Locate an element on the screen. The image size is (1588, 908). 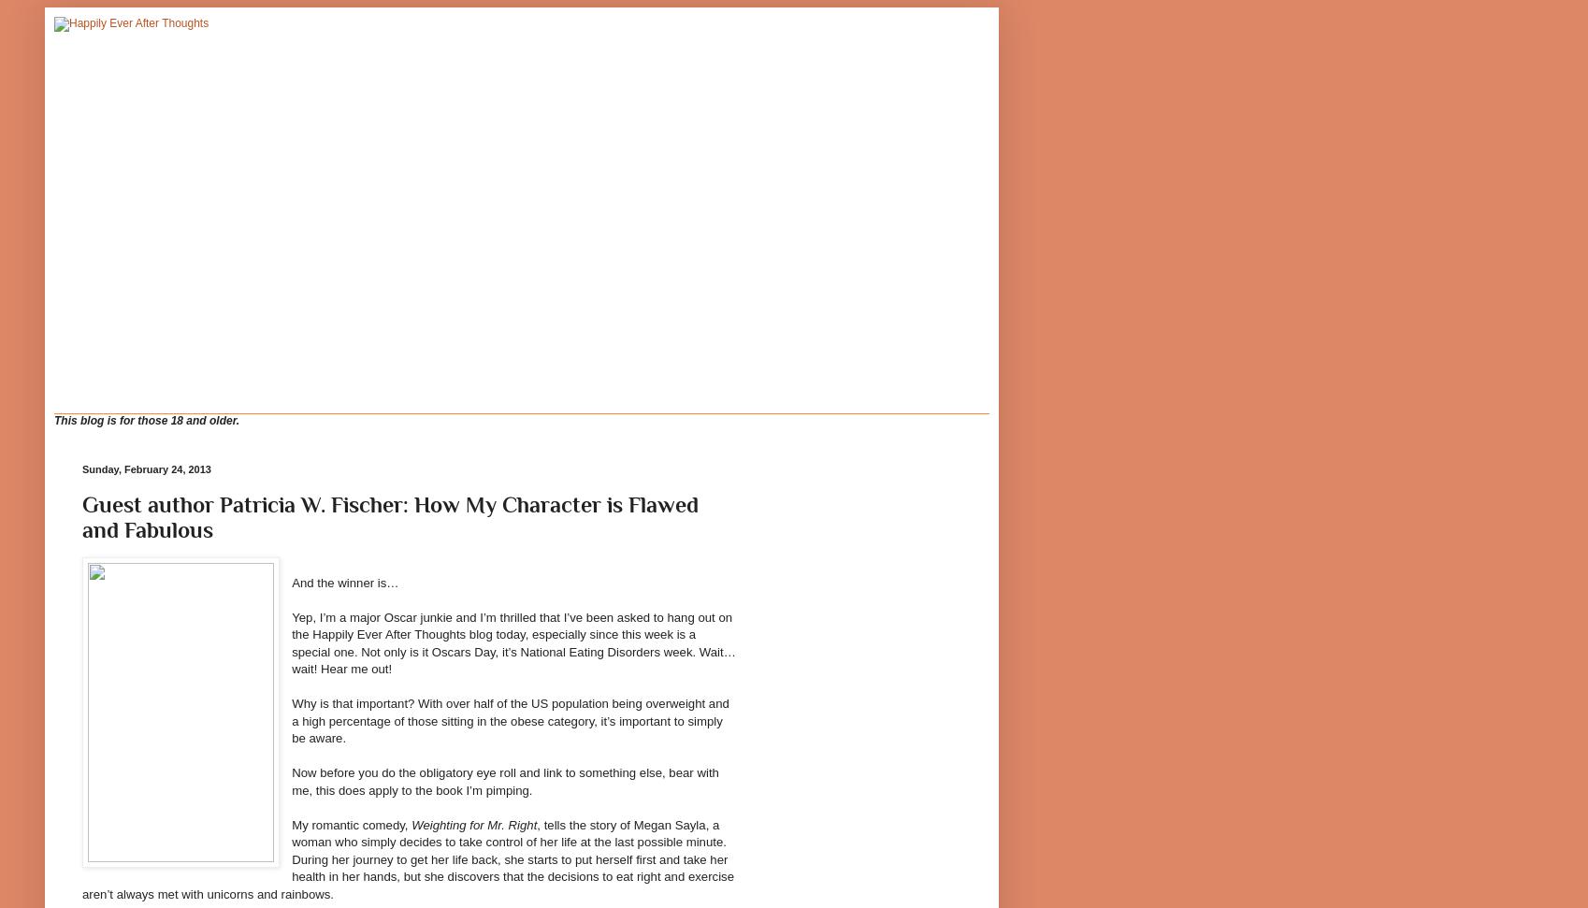
', tells the story of Megan Sayla, a woman who simply decides
to take control of her life at the last possible minute. During her journey to
get her life back, she starts to put herself first and take her health in her
hands, but she discovers that the decisions to eat right and exercise aren’t
always met with unicorns and rainbows.' is located at coordinates (407, 858).